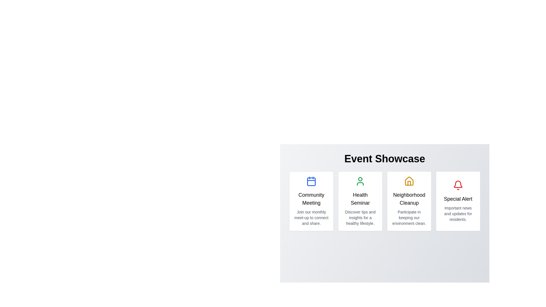  What do you see at coordinates (458, 201) in the screenshot?
I see `the notification card located in the bottom-right section of the showcase` at bounding box center [458, 201].